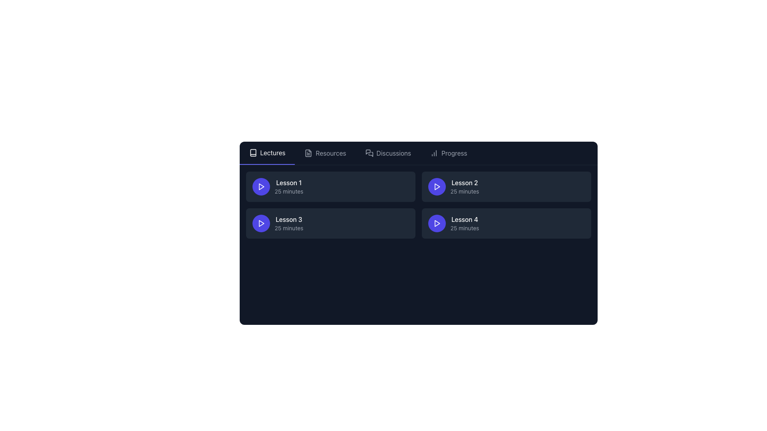 This screenshot has width=767, height=431. I want to click on the text label displaying '25 minutes', which is located below the 'Lesson 3' title in a smaller gray font within the lesson block, so click(288, 228).